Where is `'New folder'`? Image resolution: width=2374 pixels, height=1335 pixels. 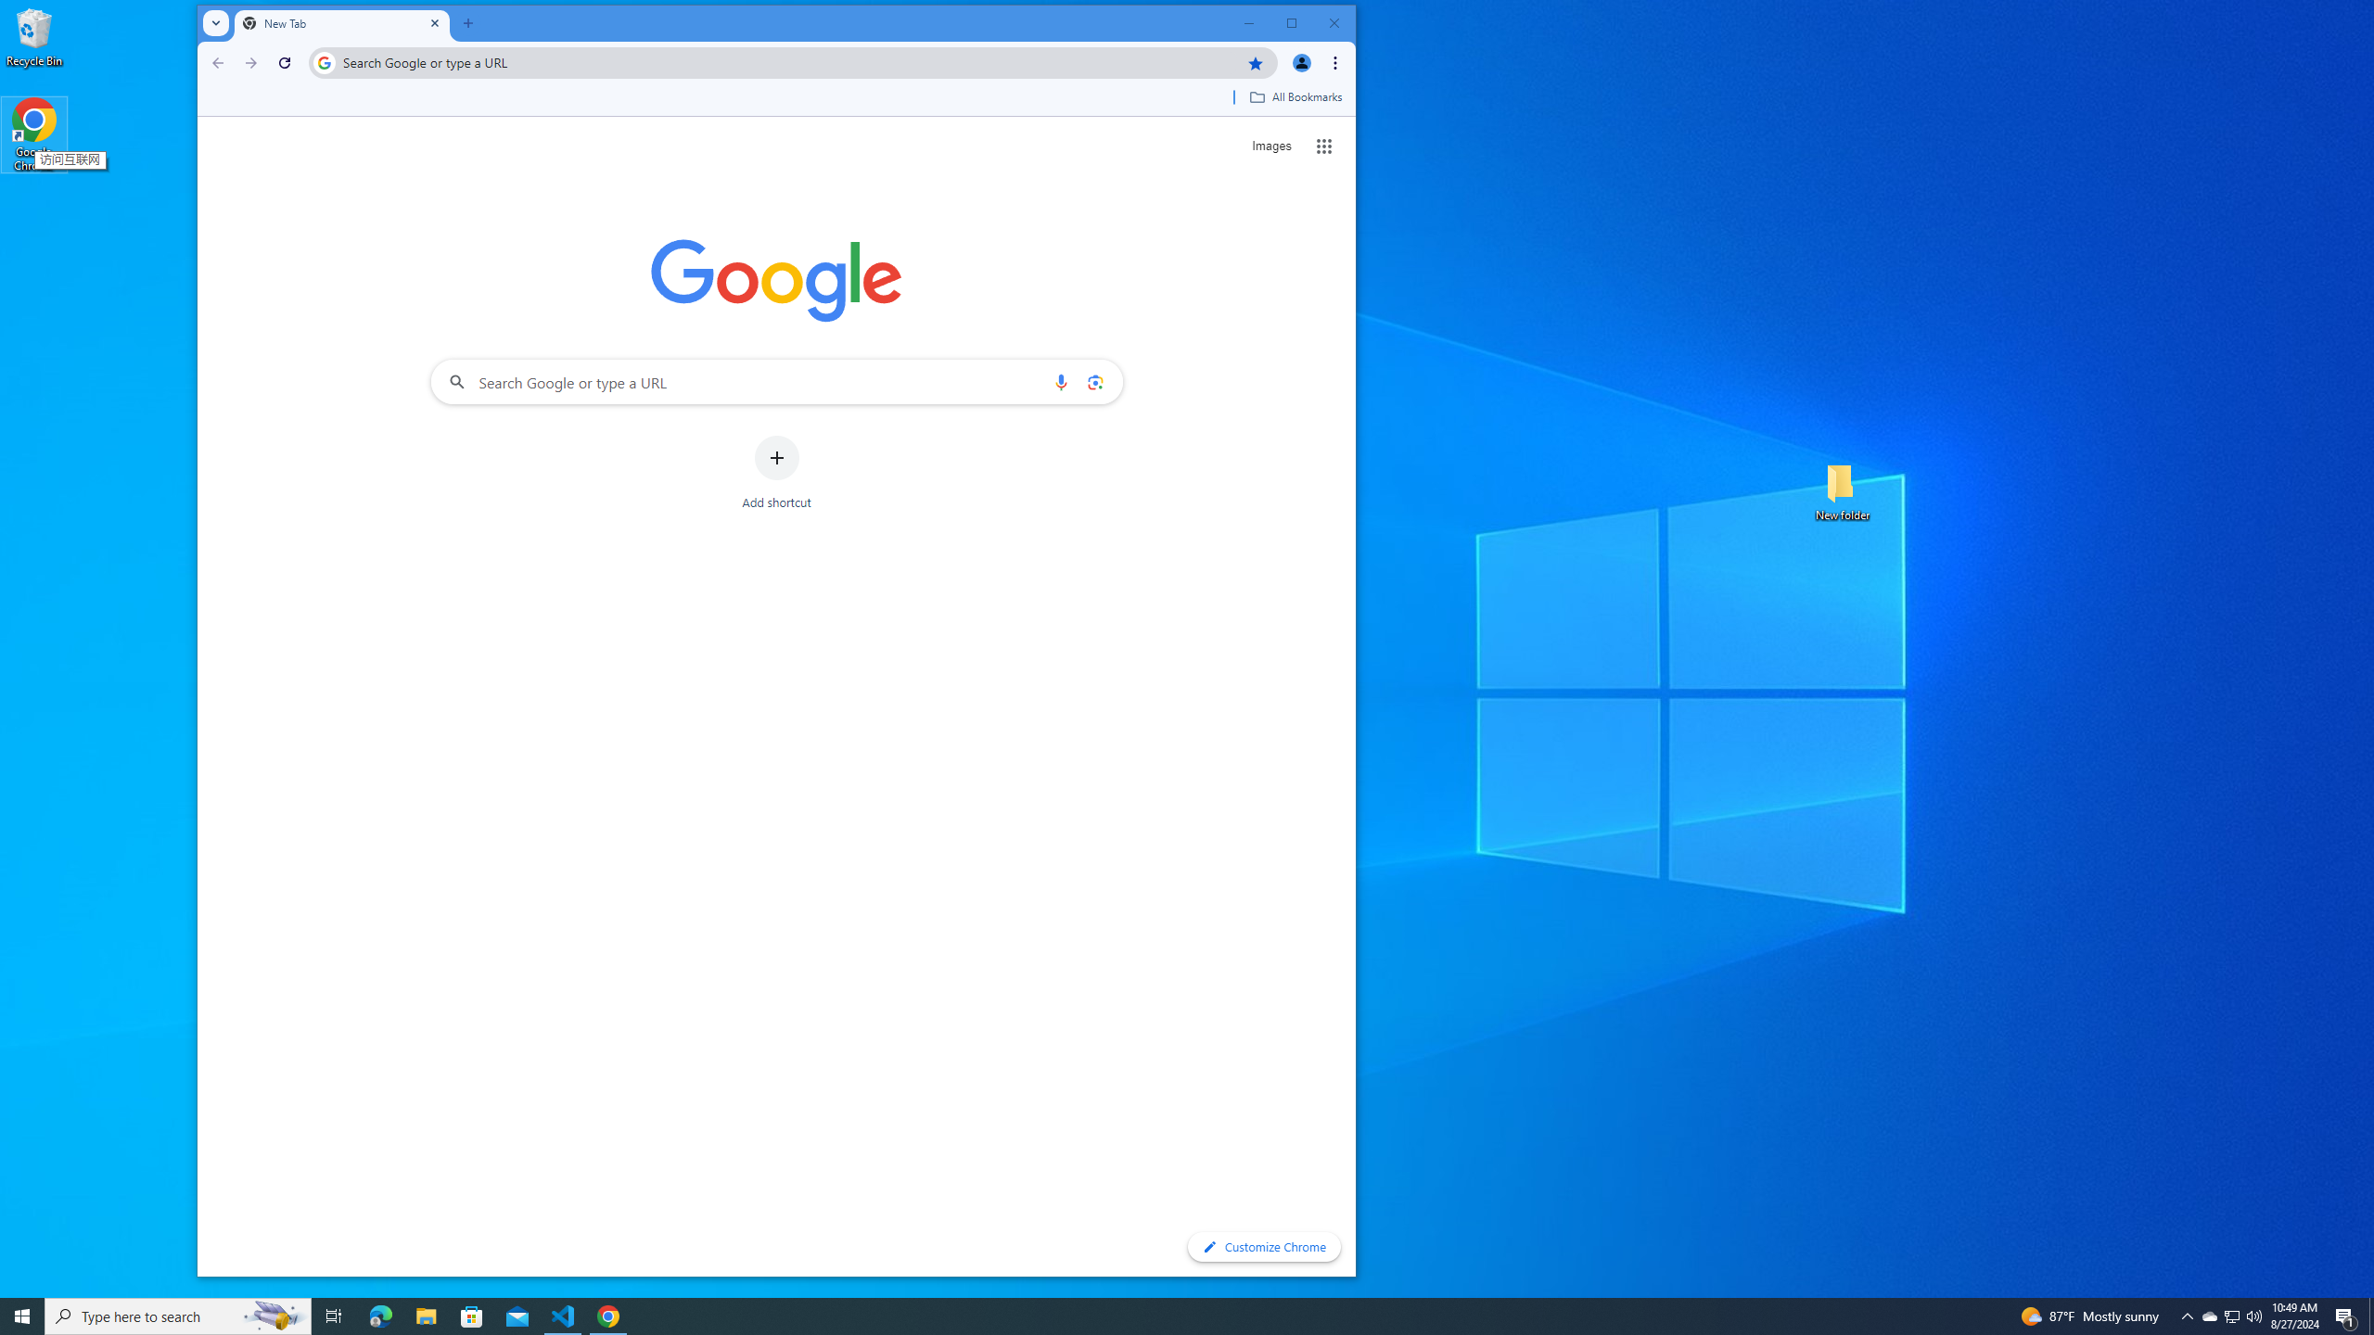
'New folder' is located at coordinates (1842, 489).